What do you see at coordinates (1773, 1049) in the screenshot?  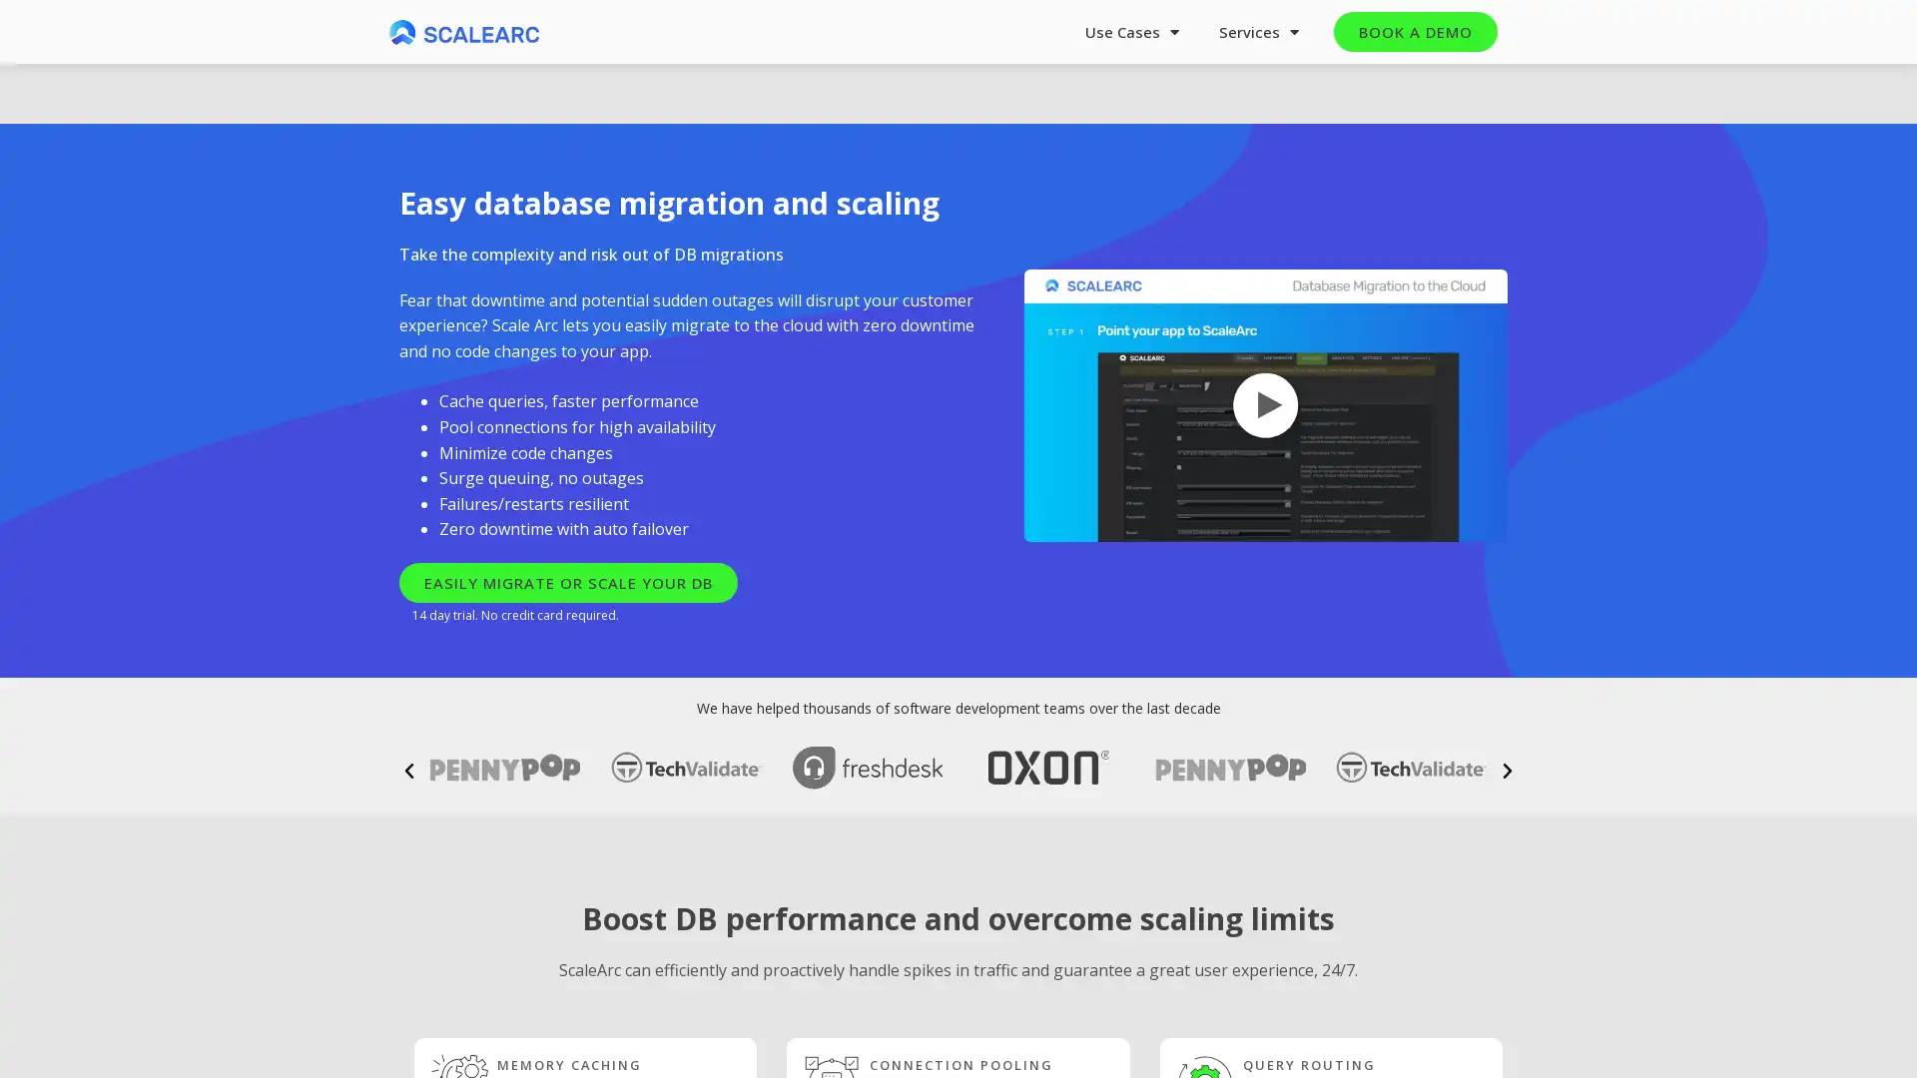 I see `Next` at bounding box center [1773, 1049].